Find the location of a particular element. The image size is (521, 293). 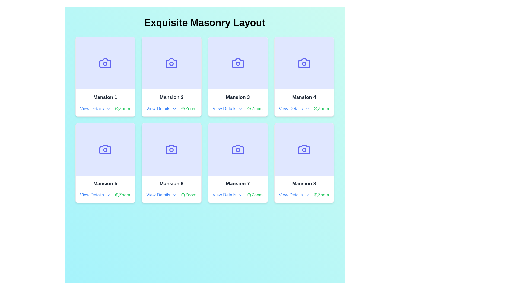

static text element that serves as the title of the second card in the bottom row of the 3x3 grid of property cards is located at coordinates (171, 183).